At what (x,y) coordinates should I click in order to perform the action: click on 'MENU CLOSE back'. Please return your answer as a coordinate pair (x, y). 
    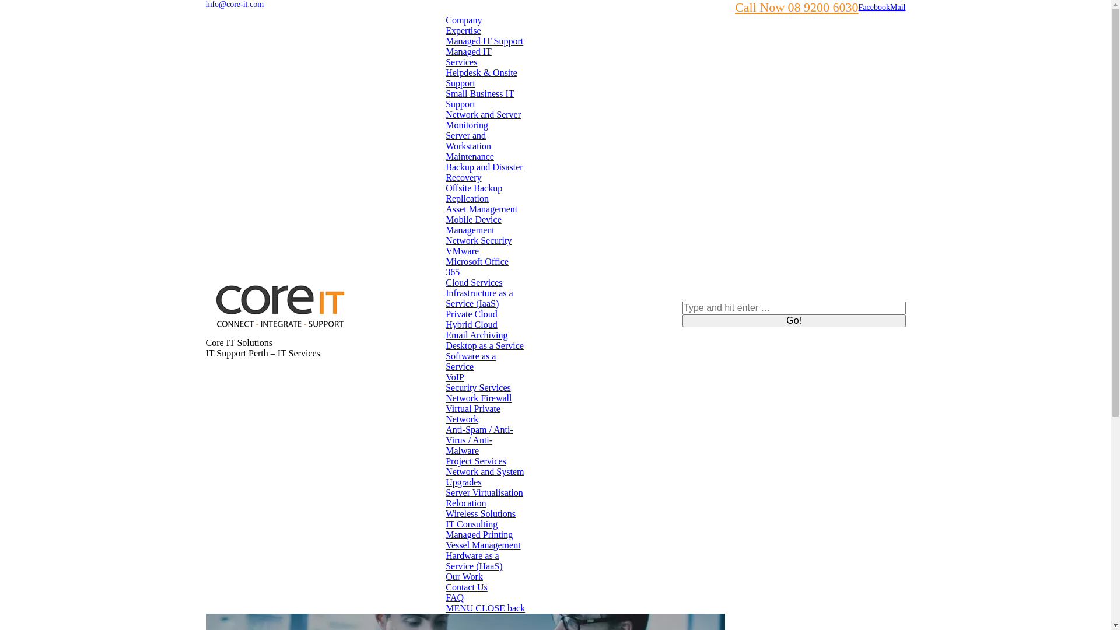
    Looking at the image, I should click on (485, 607).